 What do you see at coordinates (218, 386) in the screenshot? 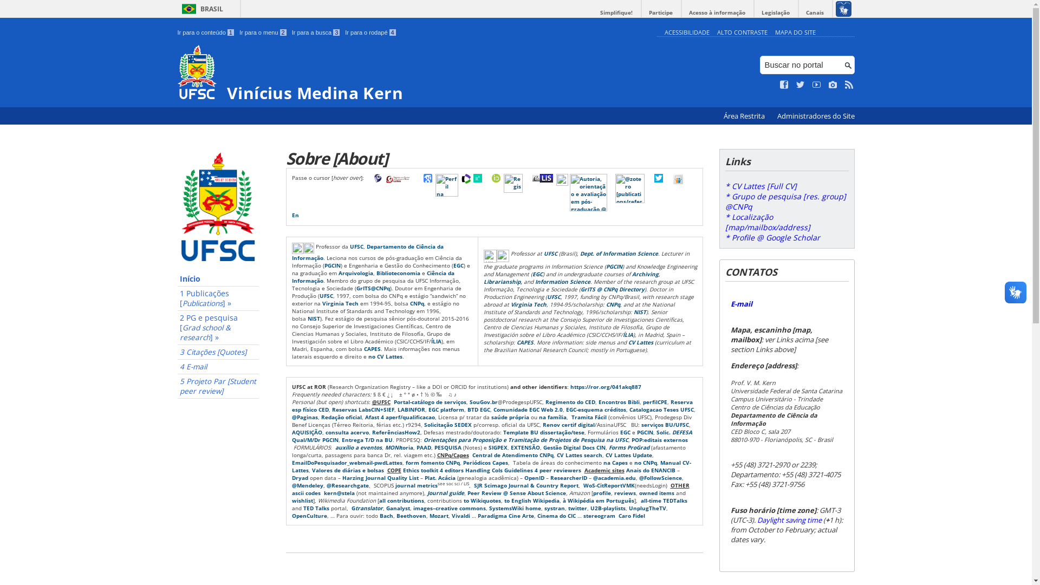
I see `'5 Projeto Par [Student peer review]'` at bounding box center [218, 386].